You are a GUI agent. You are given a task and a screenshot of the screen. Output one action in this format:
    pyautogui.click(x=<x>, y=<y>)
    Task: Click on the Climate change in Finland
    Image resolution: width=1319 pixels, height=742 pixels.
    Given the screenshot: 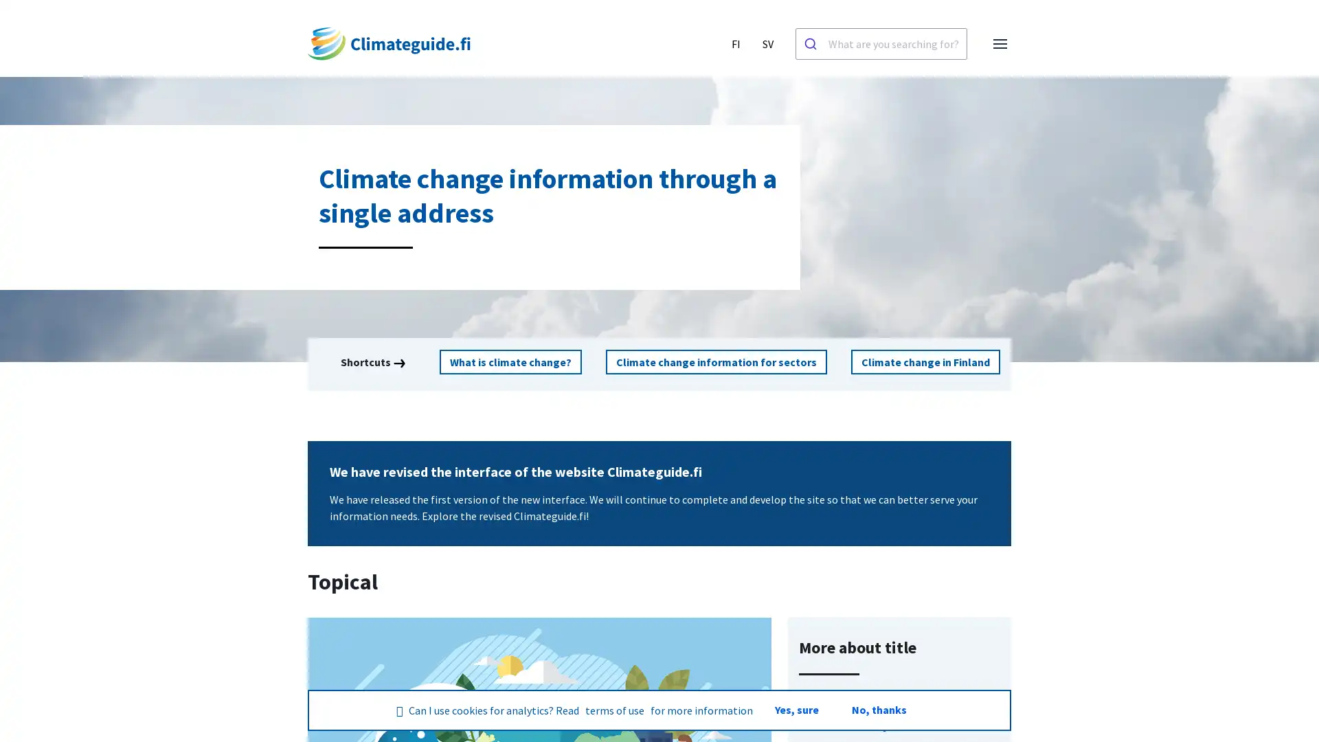 What is the action you would take?
    pyautogui.click(x=923, y=361)
    